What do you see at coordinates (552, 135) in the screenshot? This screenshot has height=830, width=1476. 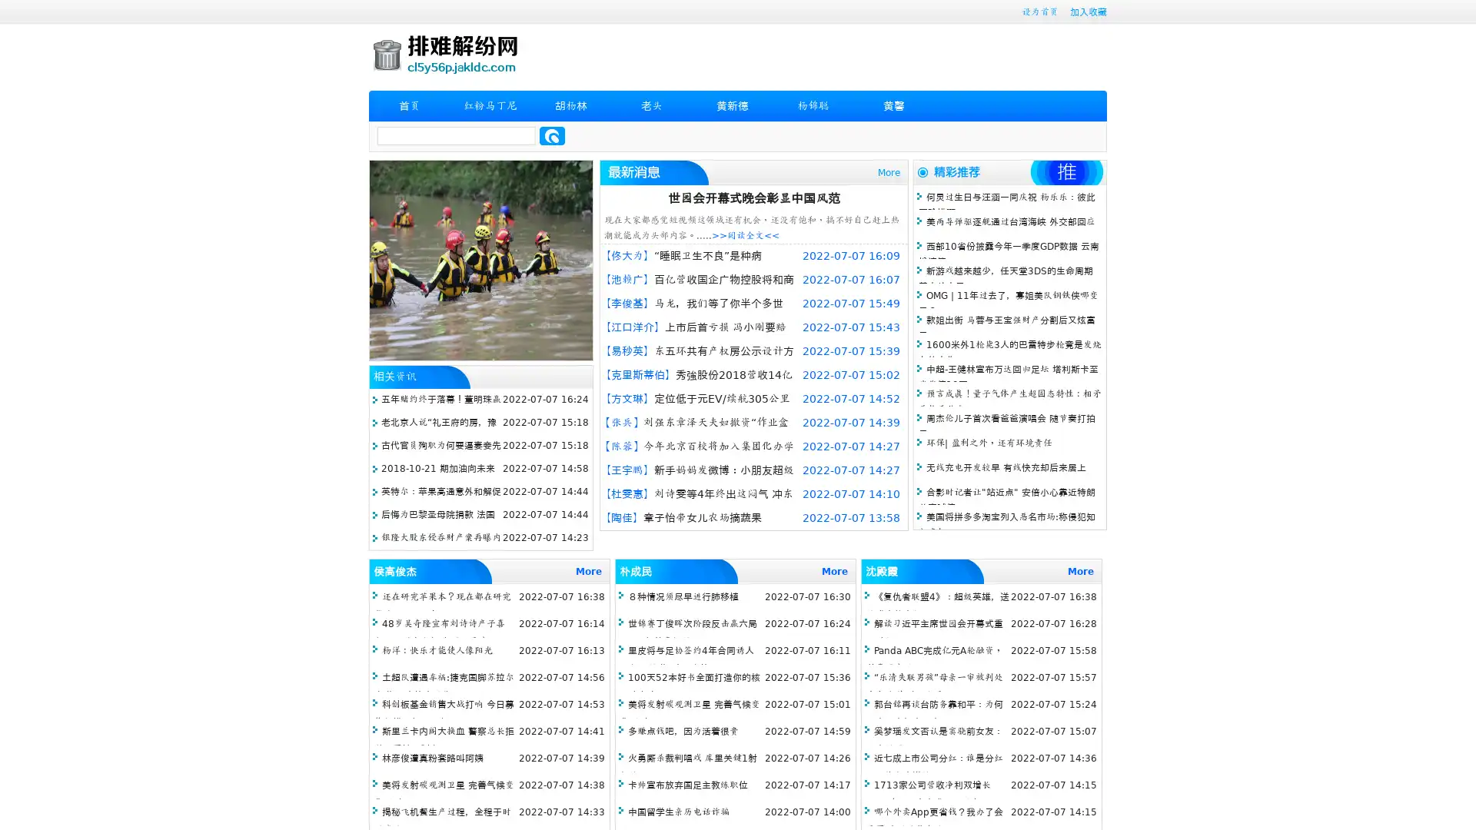 I see `Search` at bounding box center [552, 135].